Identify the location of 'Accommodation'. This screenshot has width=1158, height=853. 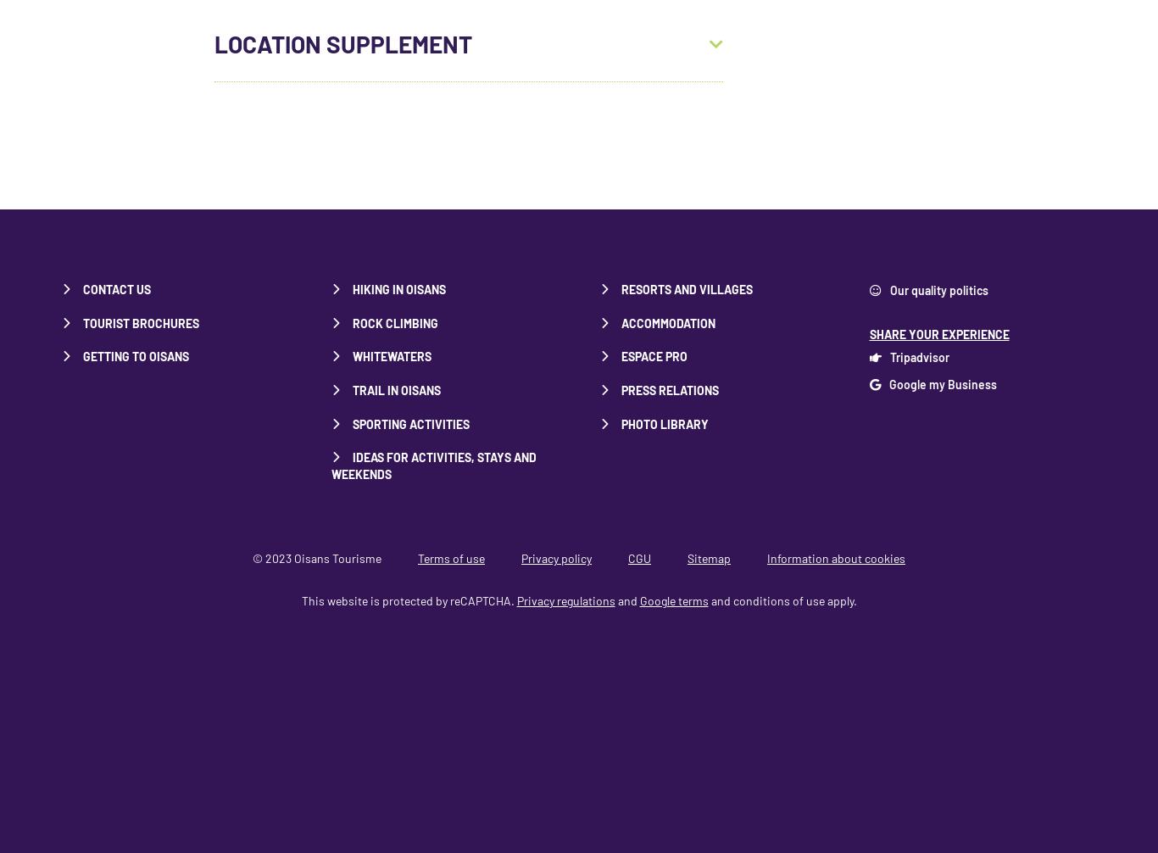
(668, 321).